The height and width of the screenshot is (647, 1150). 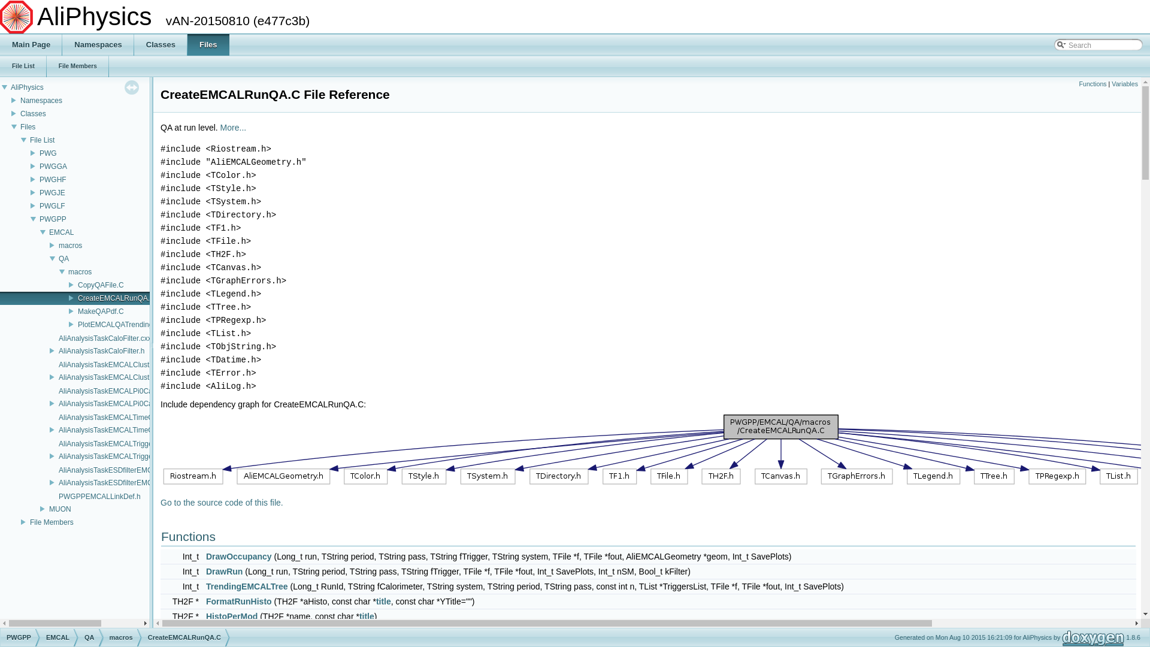 What do you see at coordinates (118, 364) in the screenshot?
I see `'AliAnalysisTaskEMCALClusterize.cxx'` at bounding box center [118, 364].